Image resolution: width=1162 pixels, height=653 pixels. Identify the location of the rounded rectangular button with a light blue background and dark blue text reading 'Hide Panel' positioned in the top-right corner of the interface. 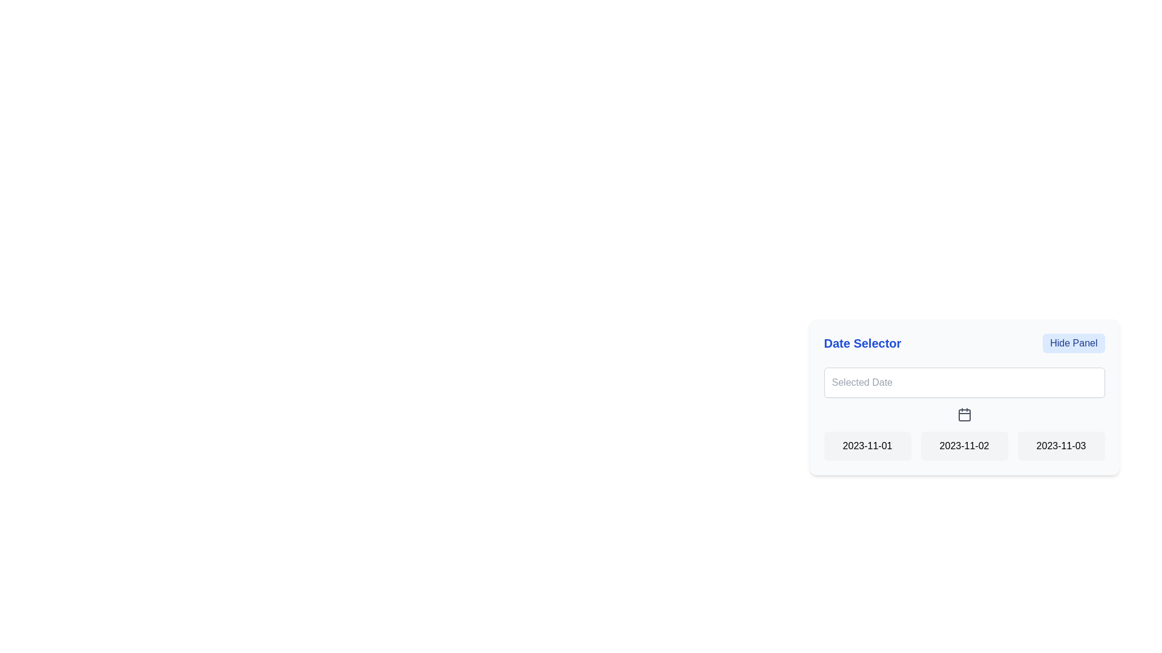
(1074, 343).